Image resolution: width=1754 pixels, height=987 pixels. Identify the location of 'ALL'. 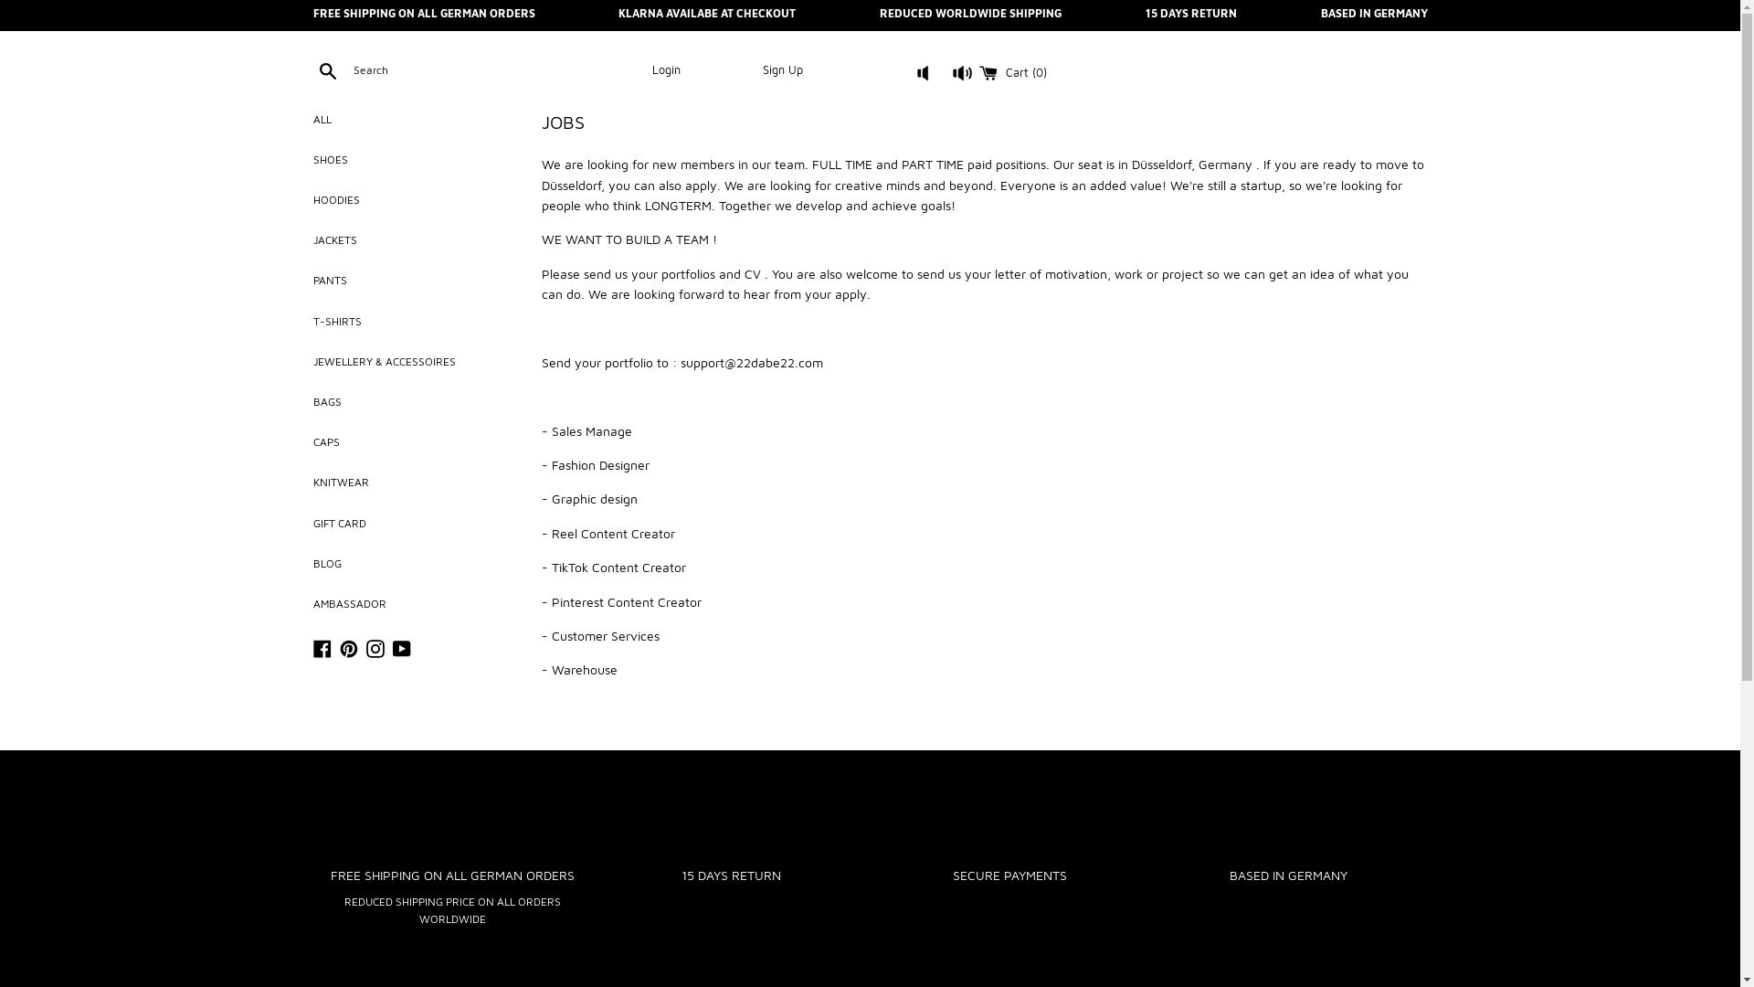
(411, 119).